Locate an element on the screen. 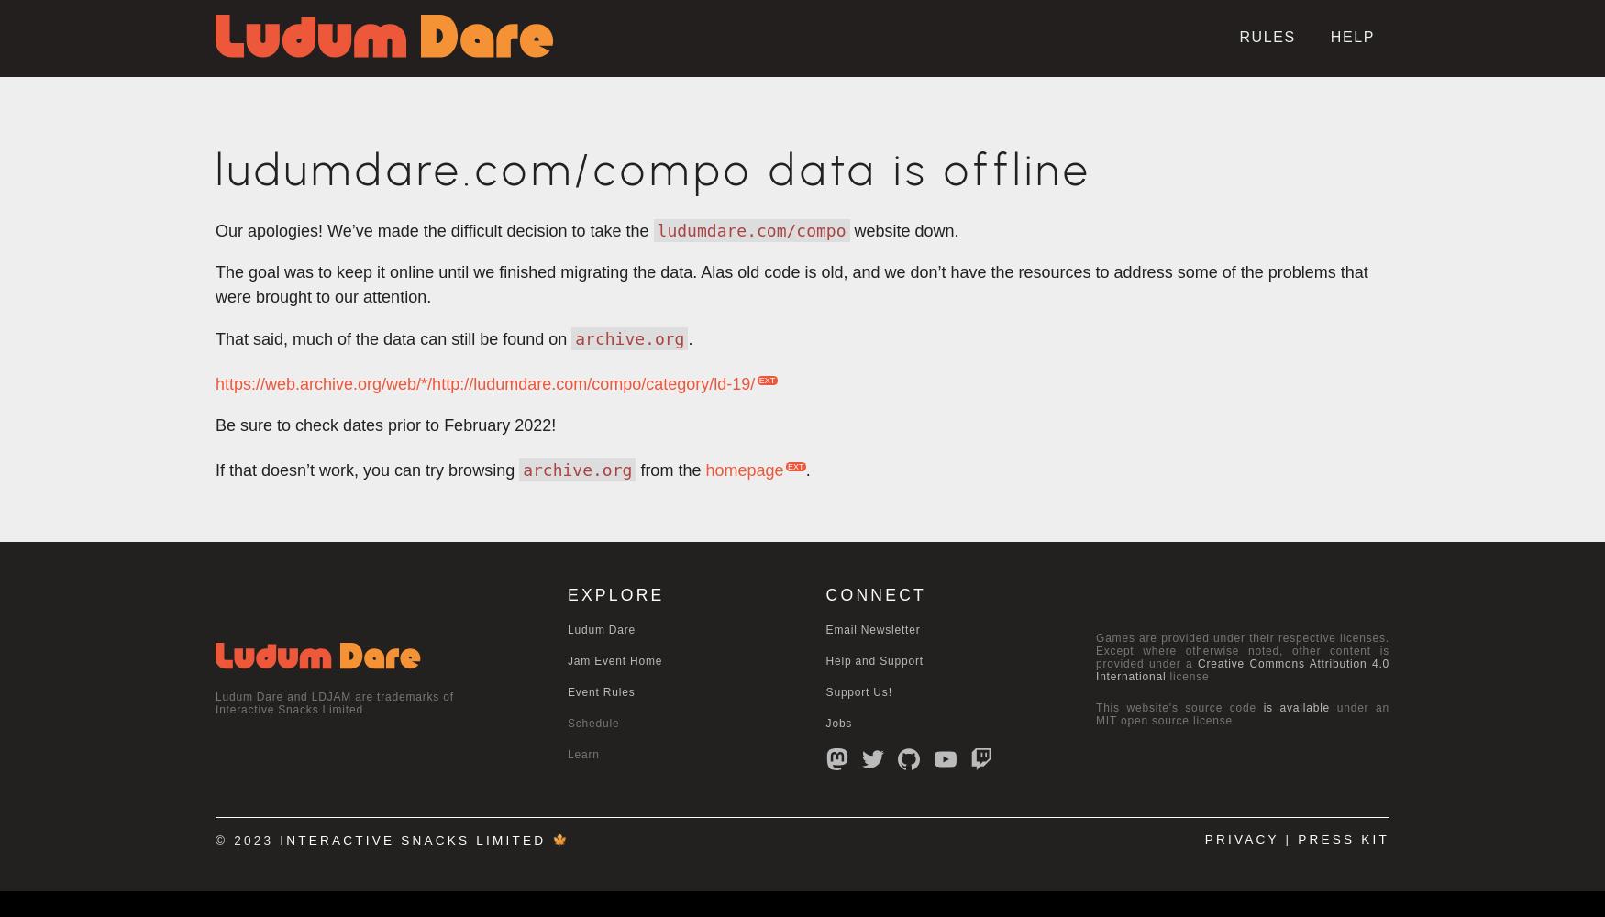  'license' is located at coordinates (1186, 676).